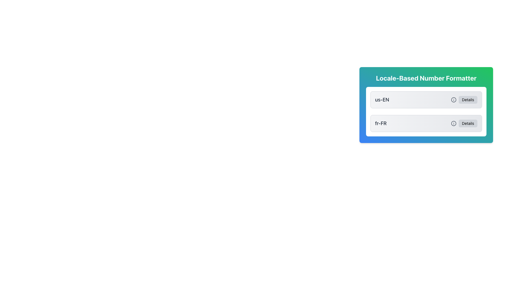  What do you see at coordinates (468, 100) in the screenshot?
I see `the rectangular button labeled 'Details' with a light gray background located on the right side of the 'us-EN' label` at bounding box center [468, 100].